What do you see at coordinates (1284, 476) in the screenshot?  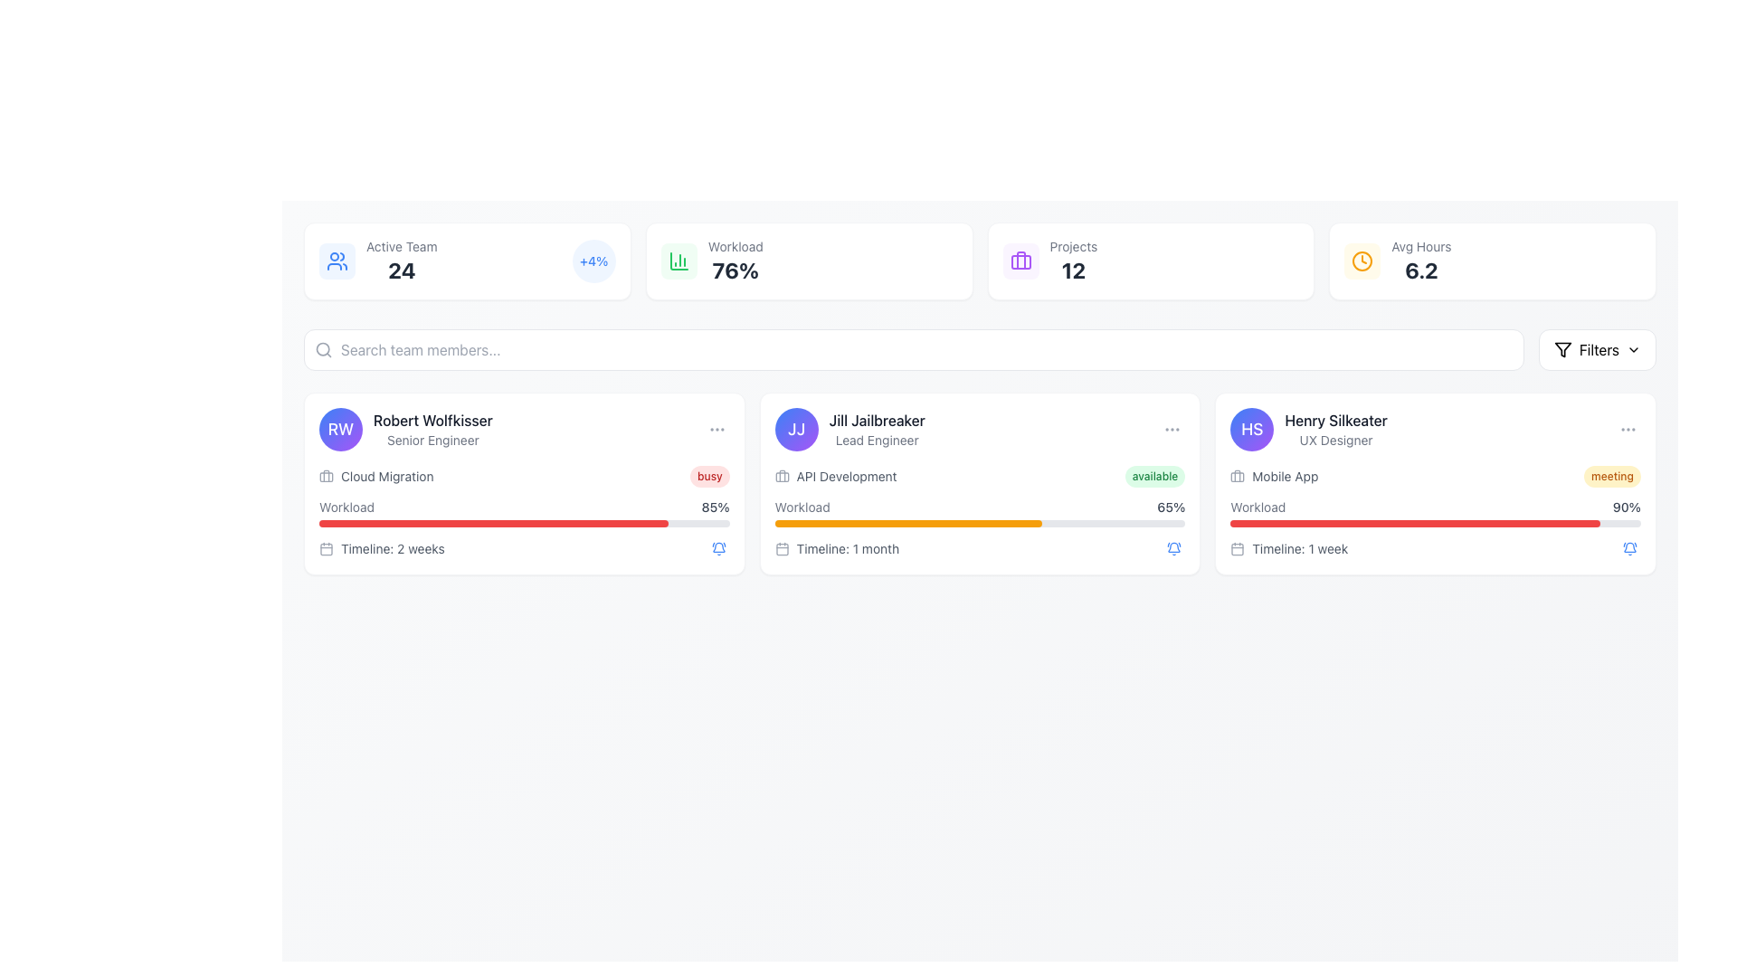 I see `the Text label that describes the category for the task related to Henry Silkeater, a UX Designer, which is located to the right of a briefcase icon` at bounding box center [1284, 476].